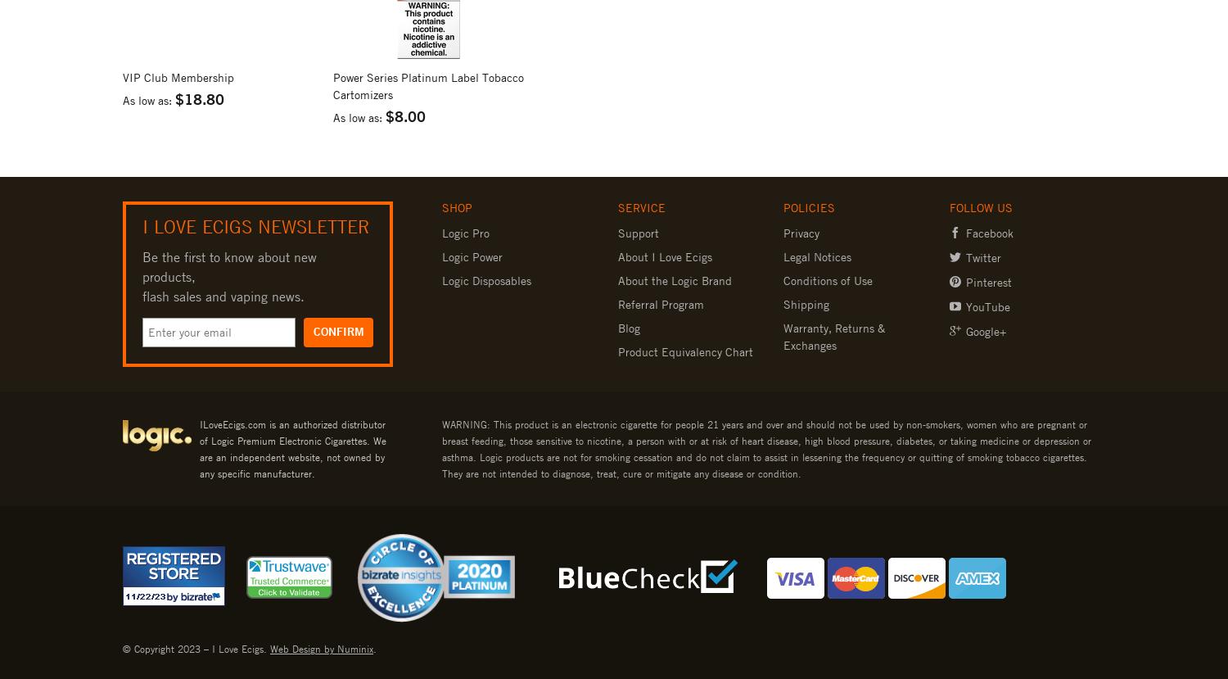  Describe the element at coordinates (464, 231) in the screenshot. I see `'Logic Pro'` at that location.